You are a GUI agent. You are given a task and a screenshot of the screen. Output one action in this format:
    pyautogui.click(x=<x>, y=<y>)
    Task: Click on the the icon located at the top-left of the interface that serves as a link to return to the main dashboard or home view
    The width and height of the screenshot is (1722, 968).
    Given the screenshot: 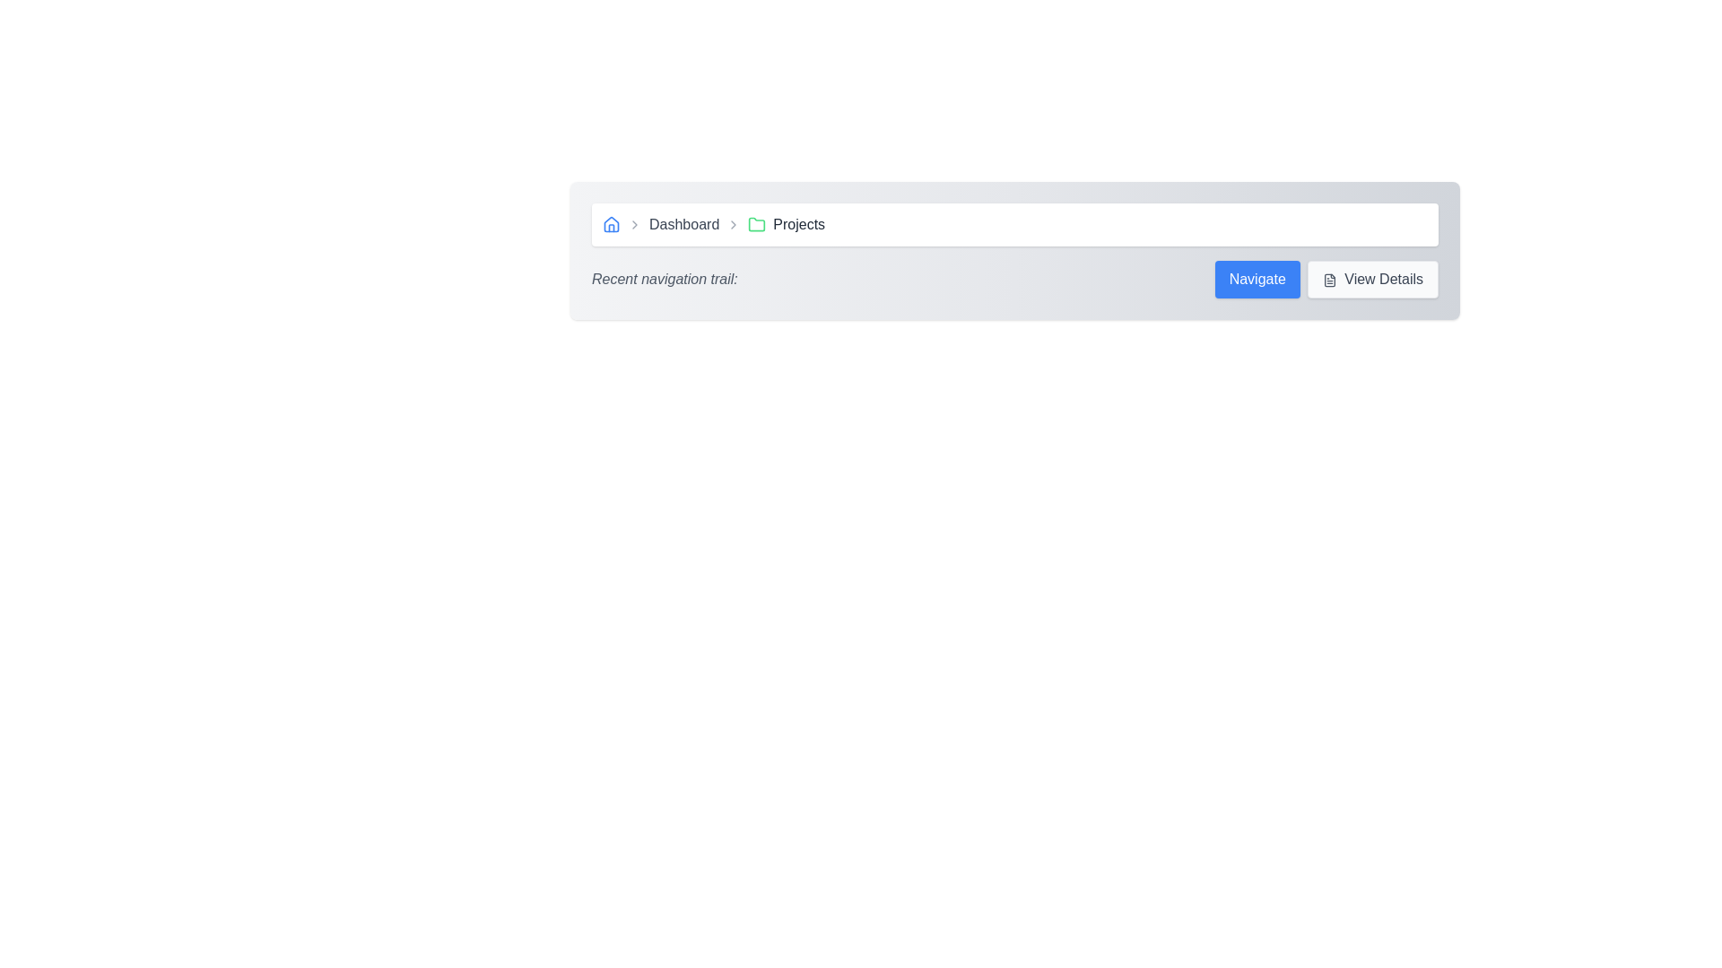 What is the action you would take?
    pyautogui.click(x=611, y=223)
    